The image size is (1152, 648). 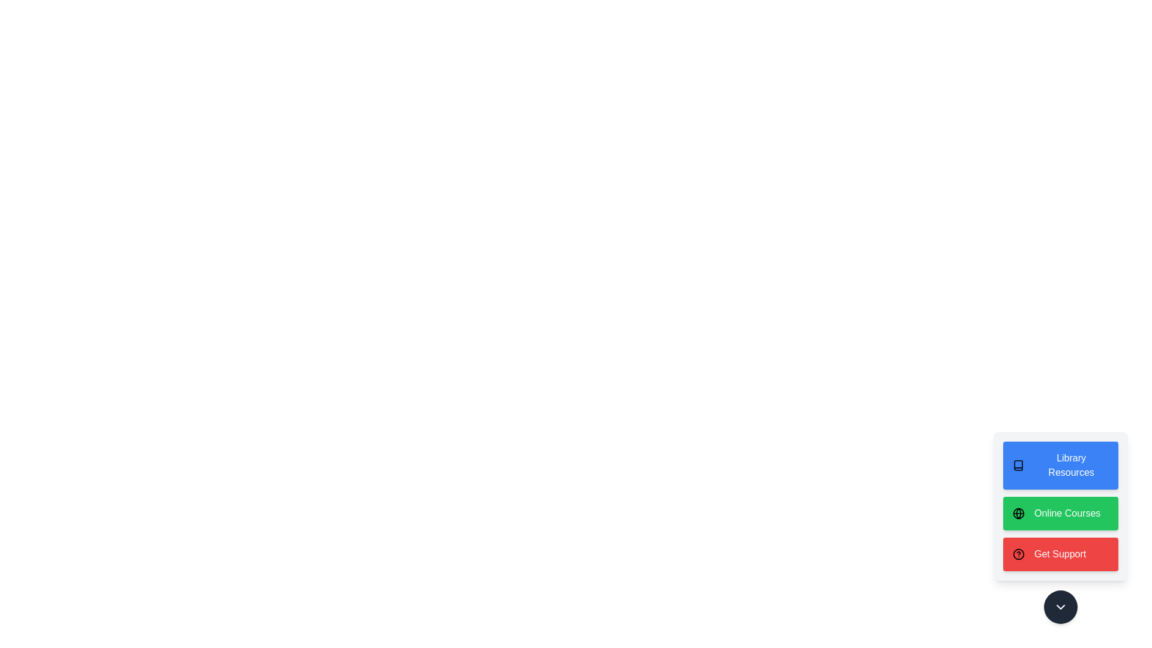 I want to click on the option labeled 'Get Support' to observe the hover effect, so click(x=1060, y=554).